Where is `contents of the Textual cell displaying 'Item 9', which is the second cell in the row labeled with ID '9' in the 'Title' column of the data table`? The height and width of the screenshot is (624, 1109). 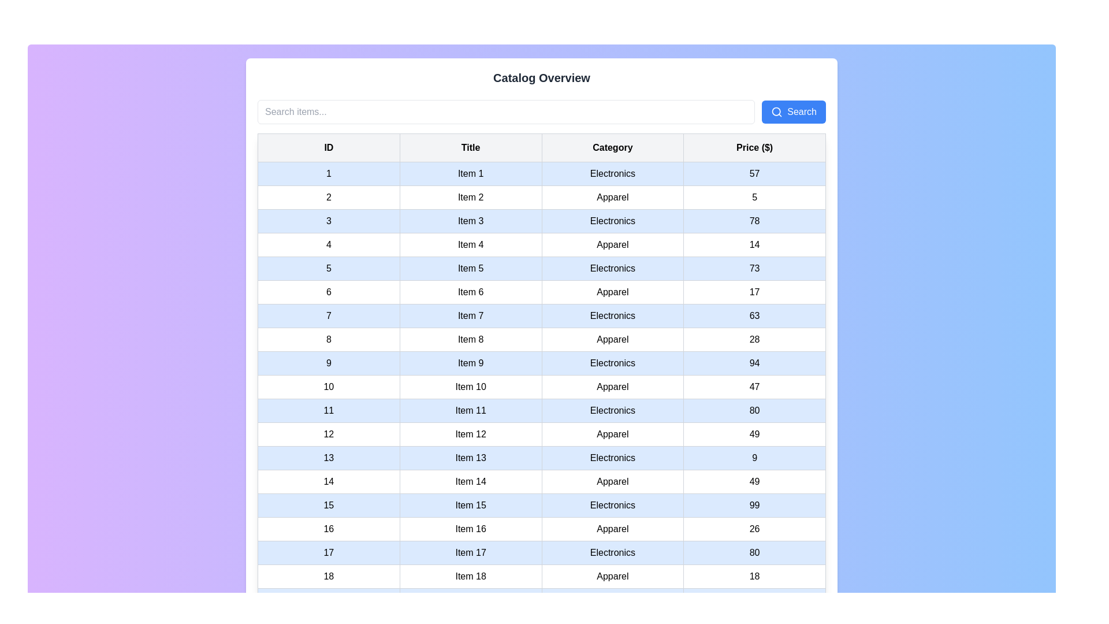 contents of the Textual cell displaying 'Item 9', which is the second cell in the row labeled with ID '9' in the 'Title' column of the data table is located at coordinates (471, 362).